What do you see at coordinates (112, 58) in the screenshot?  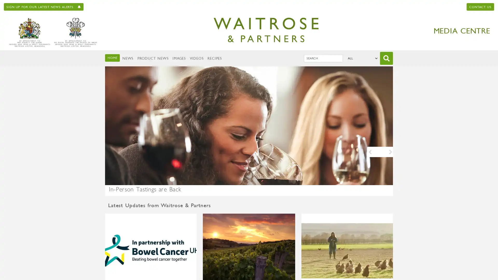 I see `HOME (CURRENT)` at bounding box center [112, 58].